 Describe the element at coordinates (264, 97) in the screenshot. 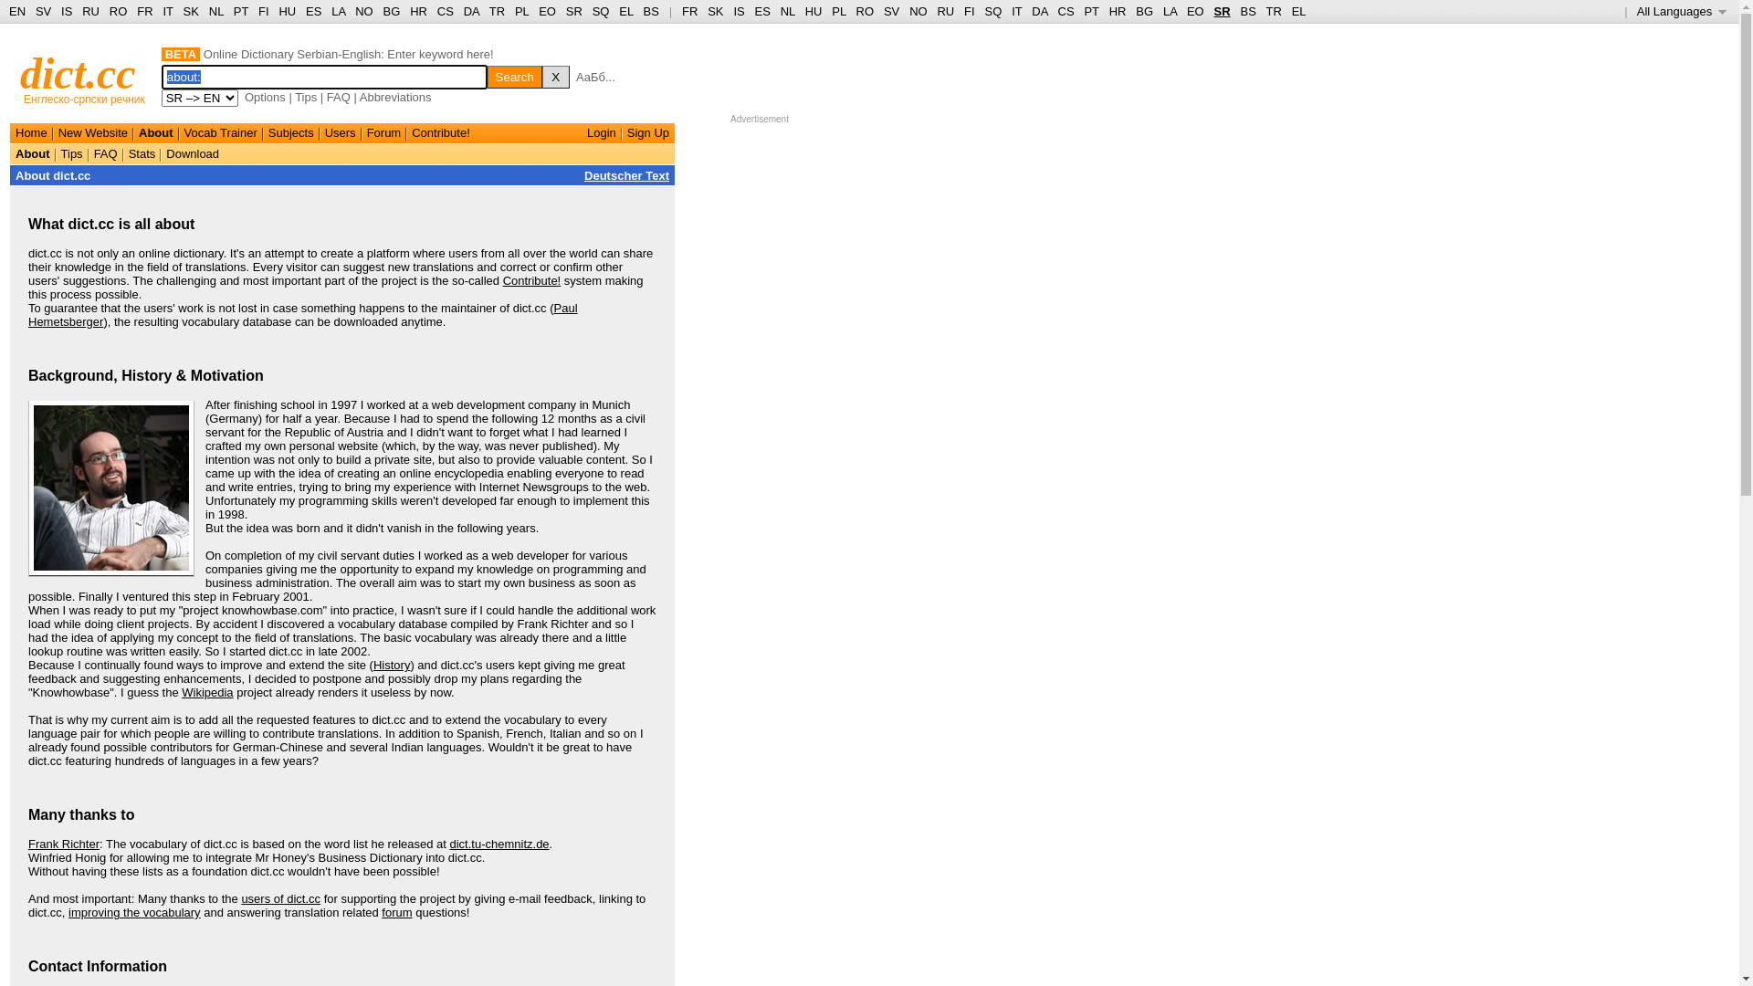

I see `'Options'` at that location.